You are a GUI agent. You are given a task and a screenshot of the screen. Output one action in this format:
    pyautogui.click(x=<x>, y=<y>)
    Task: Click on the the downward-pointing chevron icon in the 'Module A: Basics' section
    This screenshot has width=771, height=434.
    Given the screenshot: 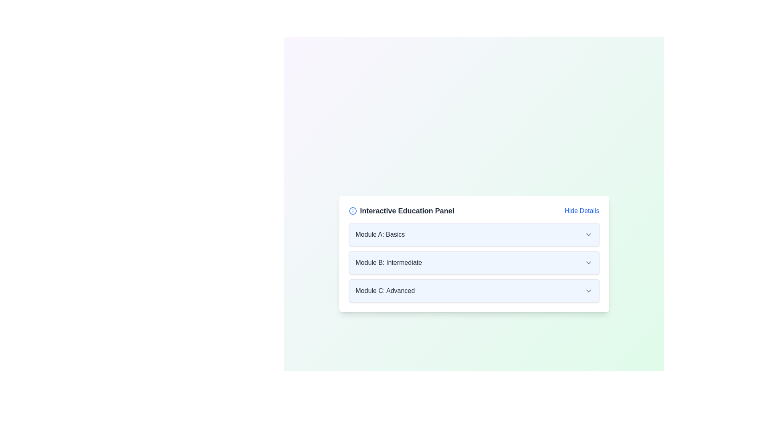 What is the action you would take?
    pyautogui.click(x=588, y=234)
    